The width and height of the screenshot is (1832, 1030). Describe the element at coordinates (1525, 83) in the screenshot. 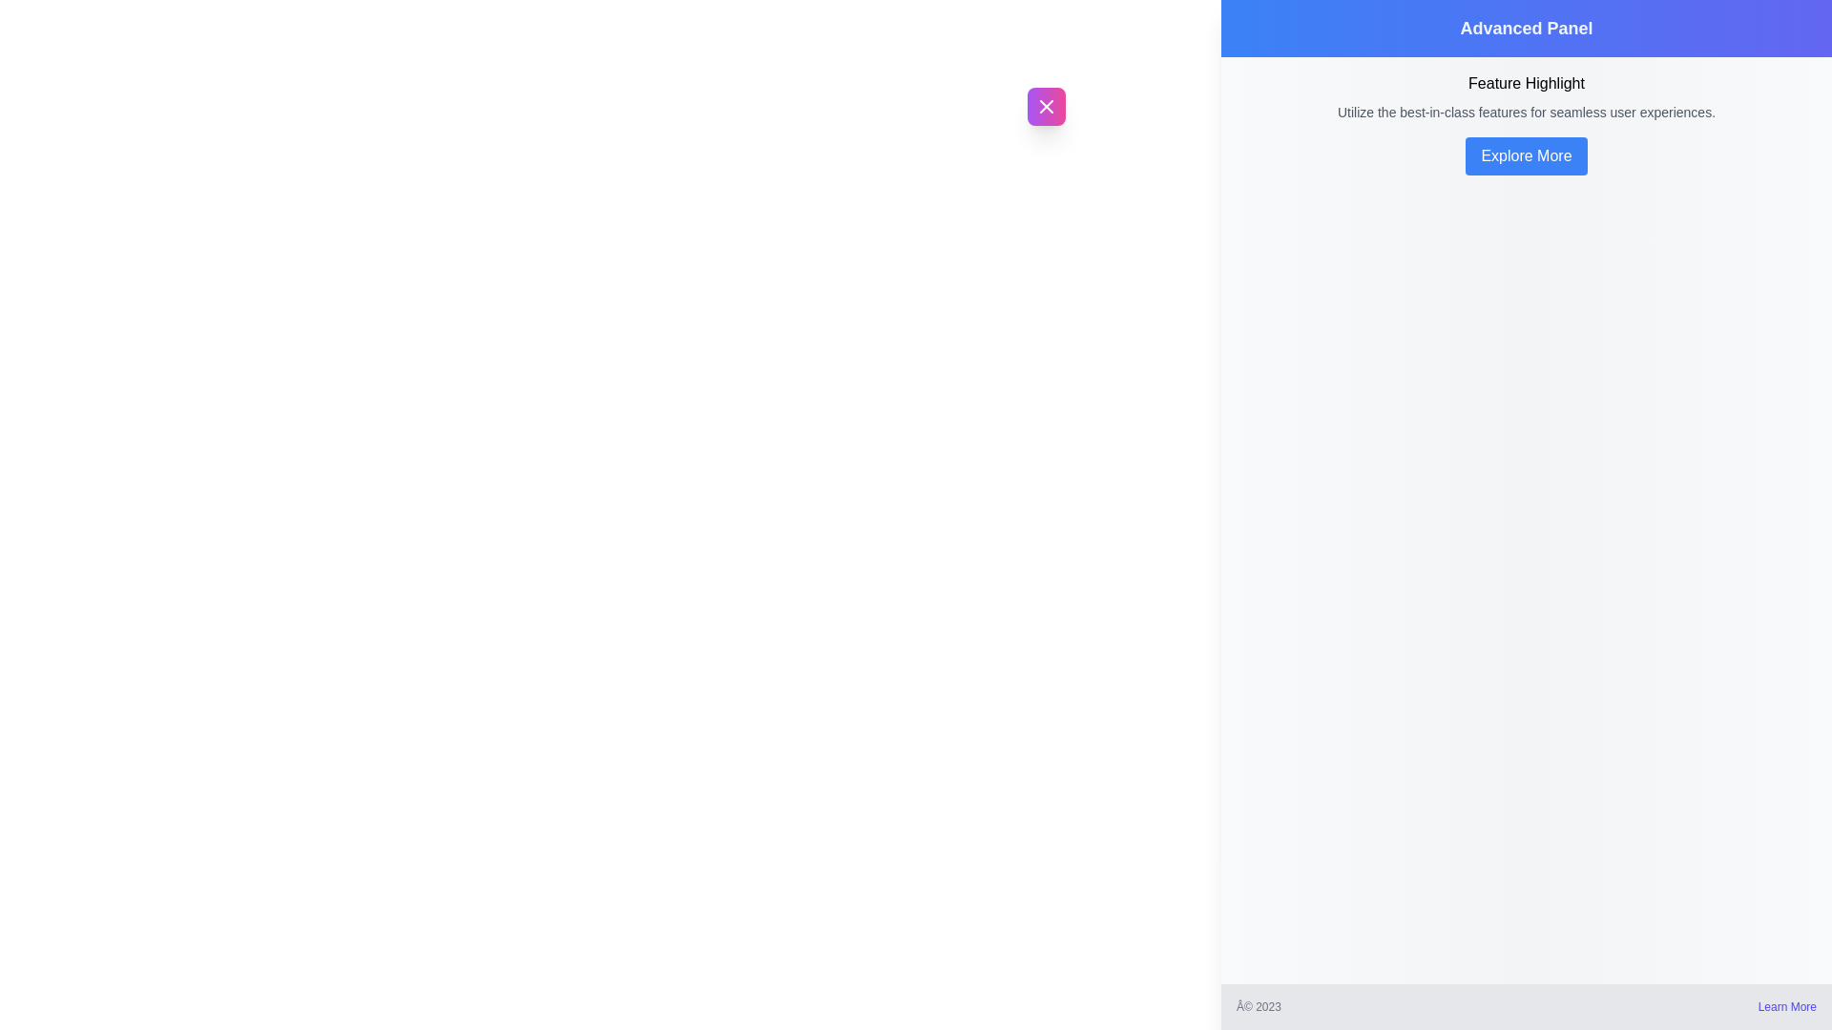

I see `the 'Feature Highlight' text label element, which is a heading styled in black, located at the top of the 'Advanced Panel' section above the text 'Utilize the best-in-class features'` at that location.